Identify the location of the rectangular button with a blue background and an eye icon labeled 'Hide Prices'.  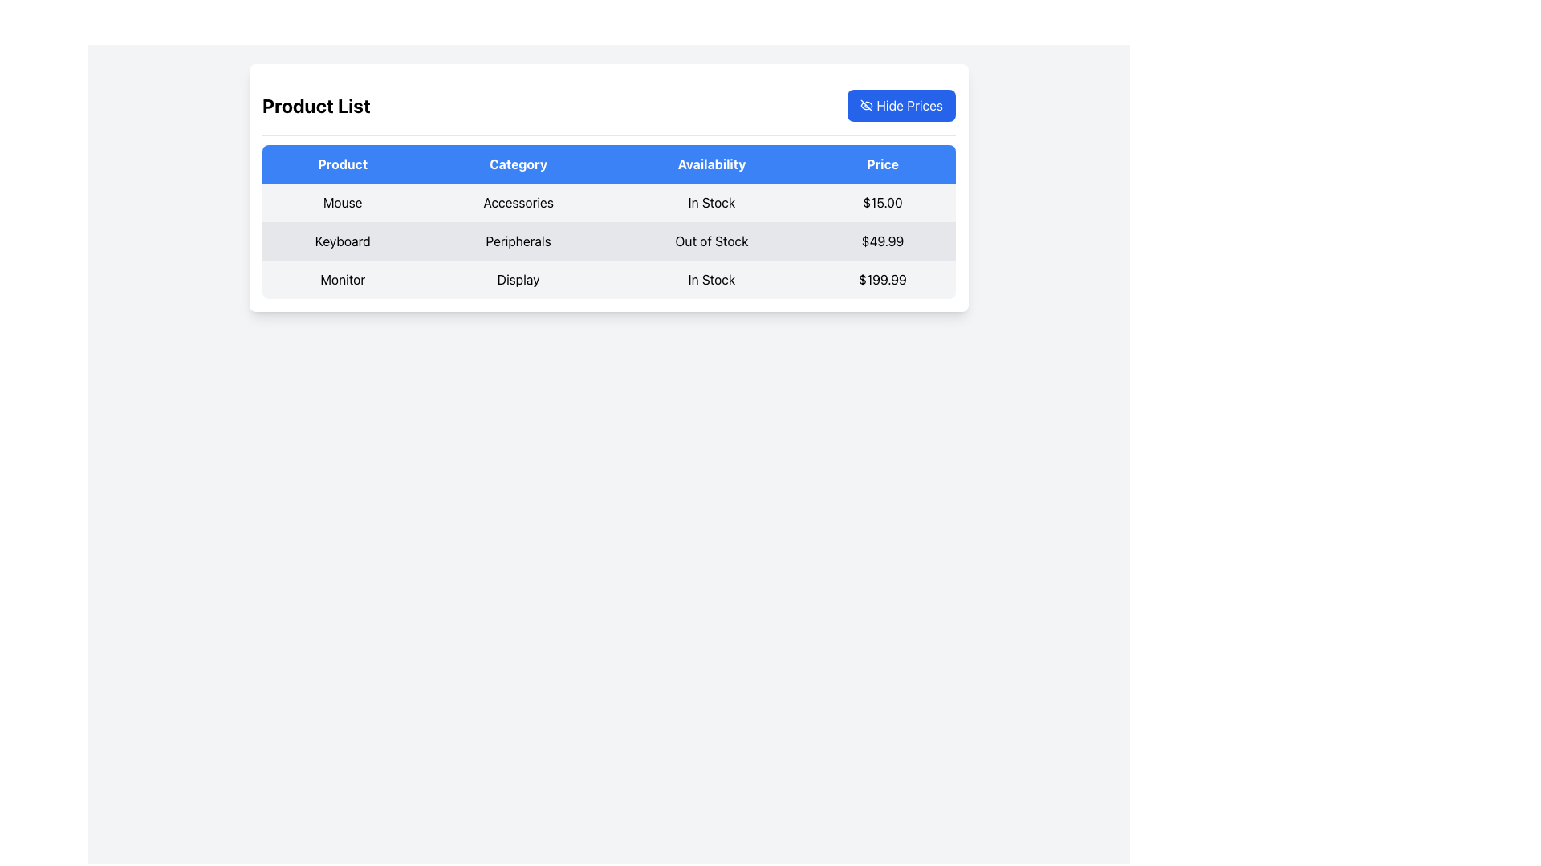
(901, 105).